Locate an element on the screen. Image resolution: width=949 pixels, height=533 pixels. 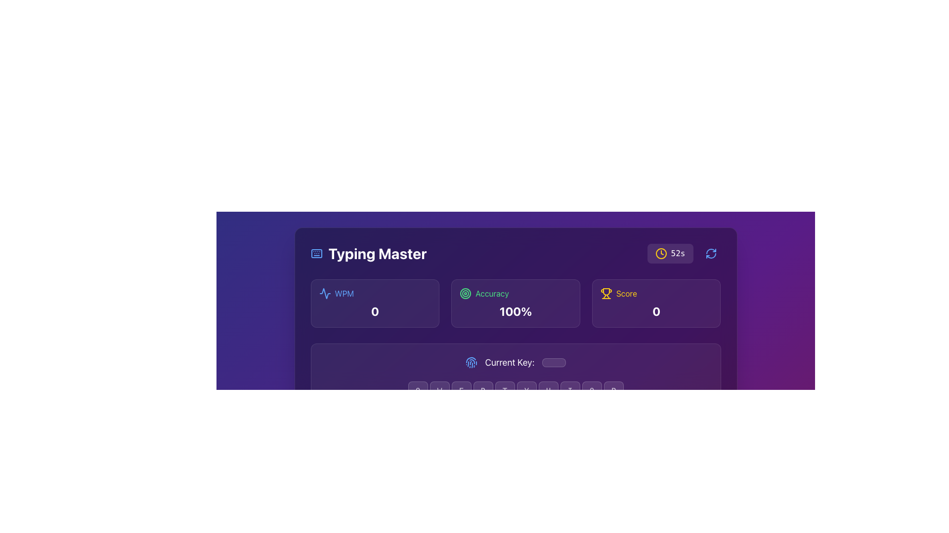
the clock icon located to the immediate left of the '56s' text in the top-right corner of the interface is located at coordinates (661, 253).